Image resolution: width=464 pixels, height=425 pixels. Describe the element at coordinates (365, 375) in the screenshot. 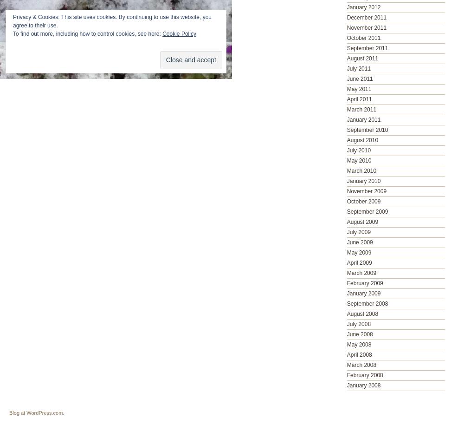

I see `'February 2008'` at that location.